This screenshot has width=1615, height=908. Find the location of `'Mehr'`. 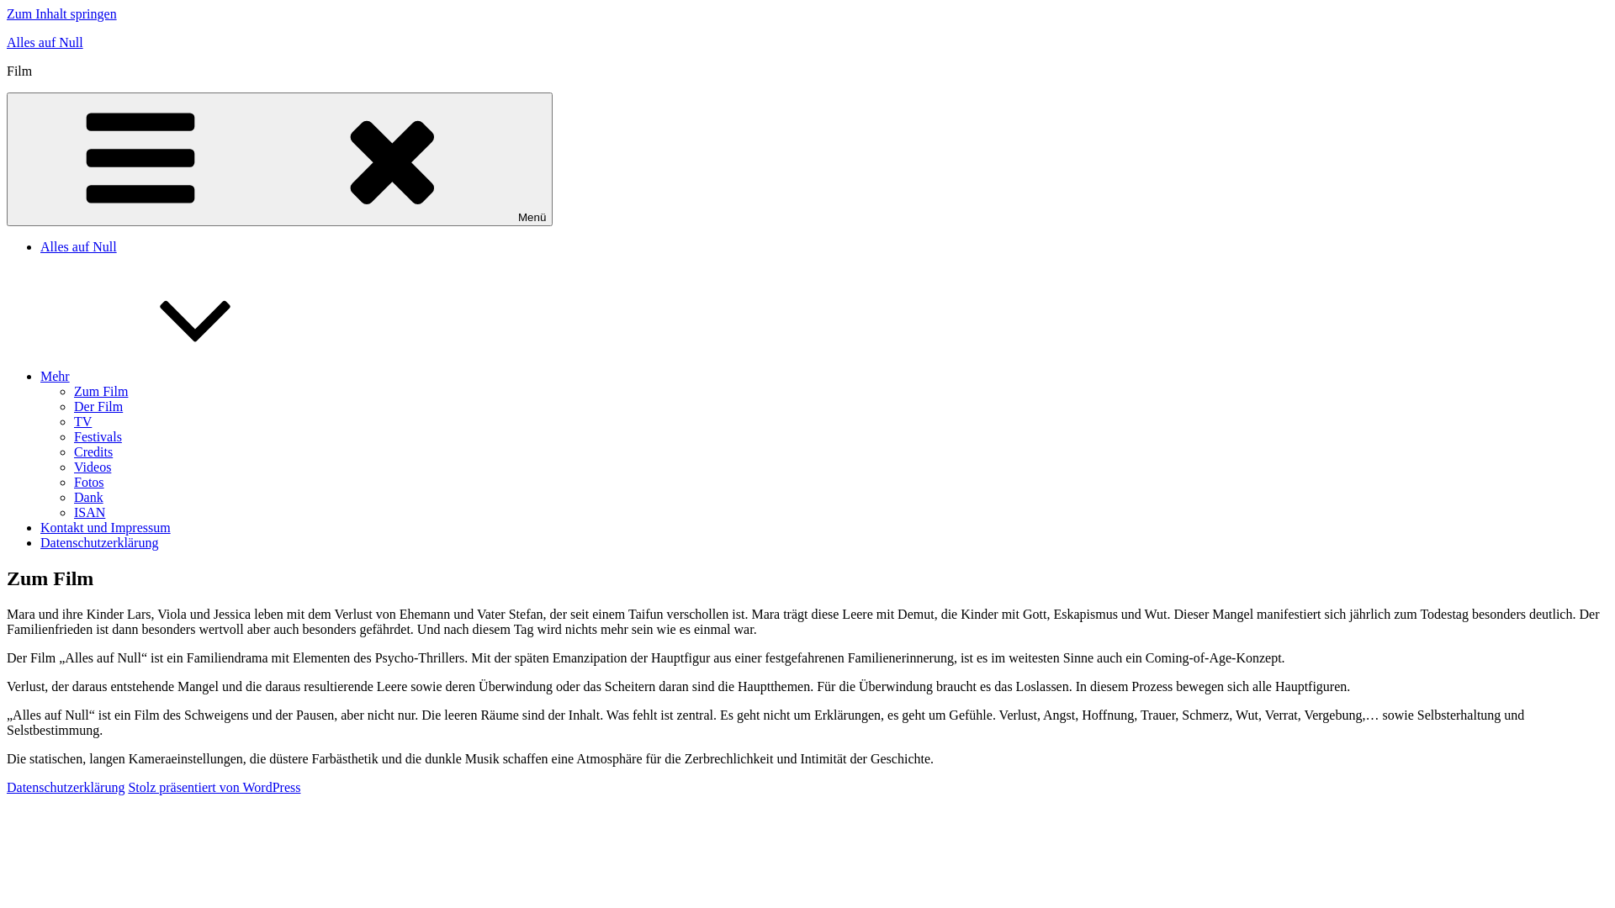

'Mehr' is located at coordinates (181, 375).